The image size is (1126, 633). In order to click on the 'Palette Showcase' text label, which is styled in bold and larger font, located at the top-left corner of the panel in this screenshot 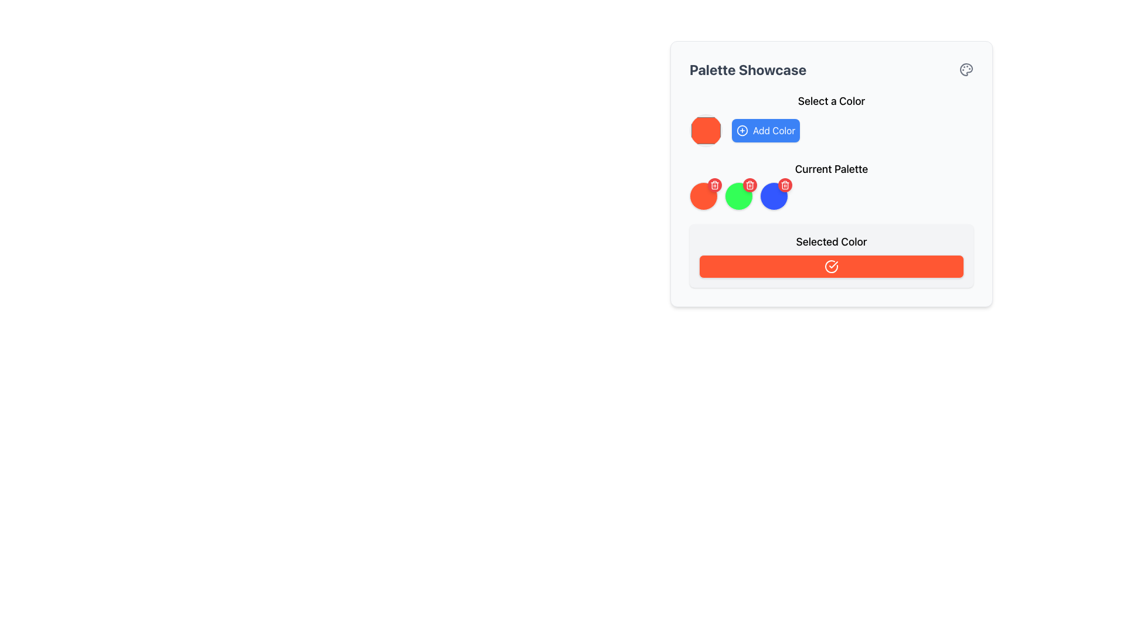, I will do `click(747, 70)`.